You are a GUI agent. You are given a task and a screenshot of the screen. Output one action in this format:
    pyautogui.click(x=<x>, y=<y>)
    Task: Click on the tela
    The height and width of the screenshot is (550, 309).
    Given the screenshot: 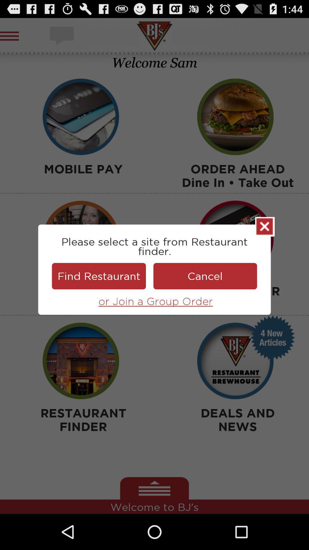 What is the action you would take?
    pyautogui.click(x=265, y=226)
    